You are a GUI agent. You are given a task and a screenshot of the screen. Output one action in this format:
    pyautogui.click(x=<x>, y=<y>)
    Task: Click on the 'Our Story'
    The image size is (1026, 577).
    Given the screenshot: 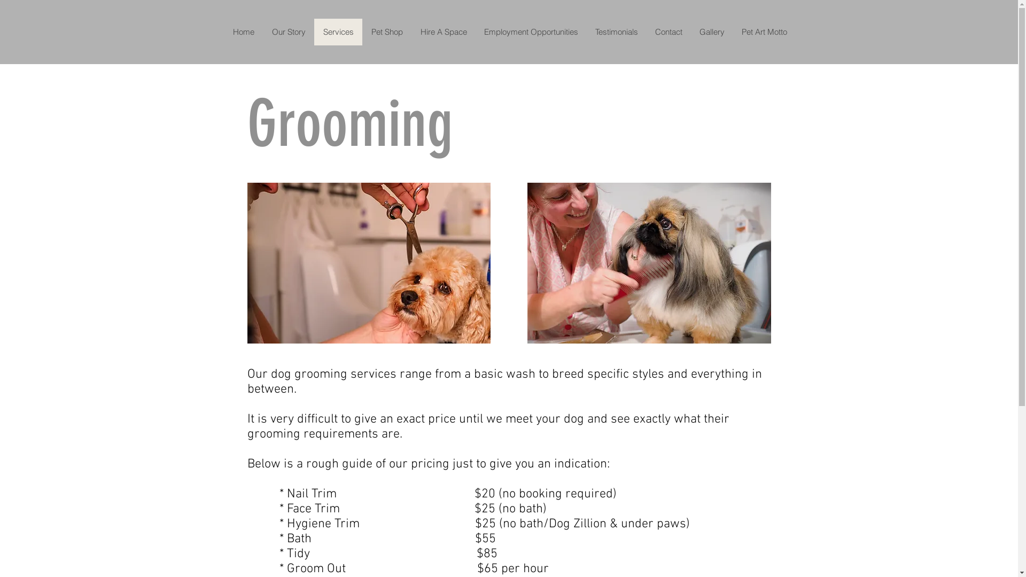 What is the action you would take?
    pyautogui.click(x=288, y=32)
    